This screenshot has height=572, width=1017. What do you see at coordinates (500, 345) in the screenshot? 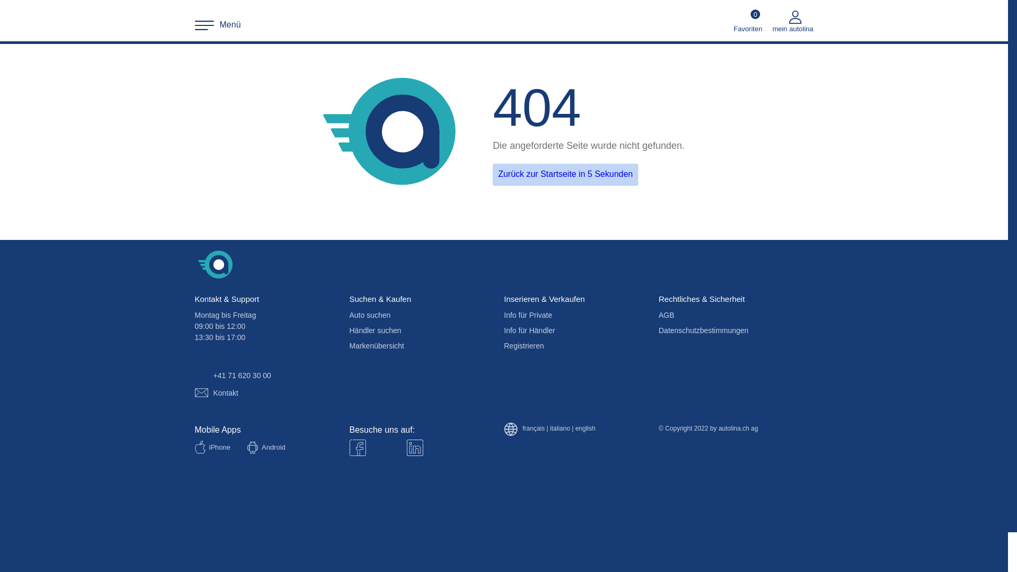
I see `'Registrieren'` at bounding box center [500, 345].